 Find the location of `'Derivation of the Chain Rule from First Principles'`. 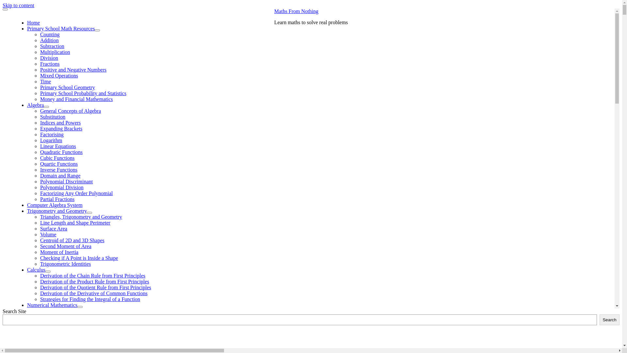

'Derivation of the Chain Rule from First Principles' is located at coordinates (92, 276).